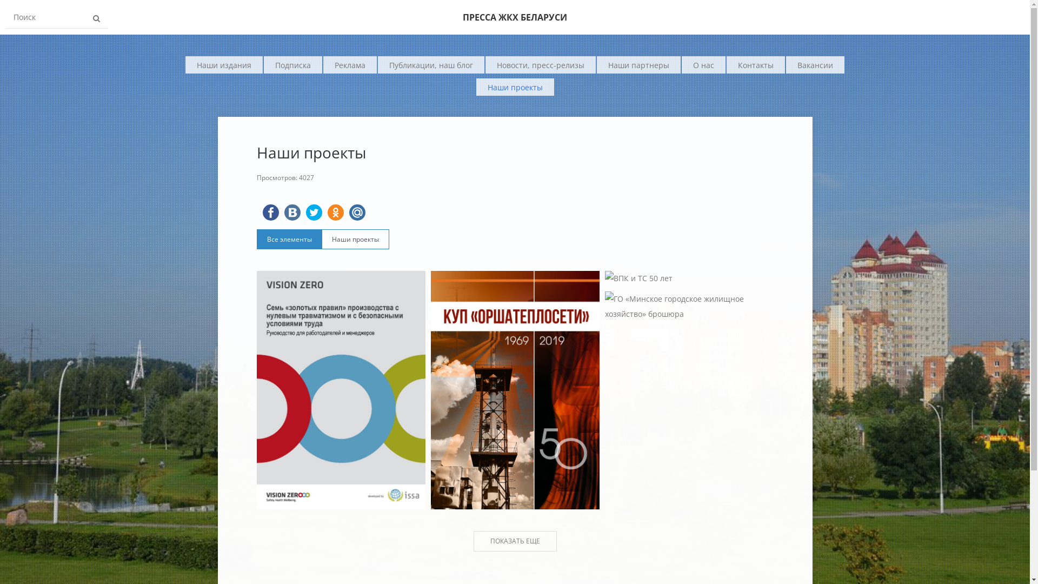 This screenshot has height=584, width=1038. Describe the element at coordinates (270, 213) in the screenshot. I see `'FaceBook'` at that location.